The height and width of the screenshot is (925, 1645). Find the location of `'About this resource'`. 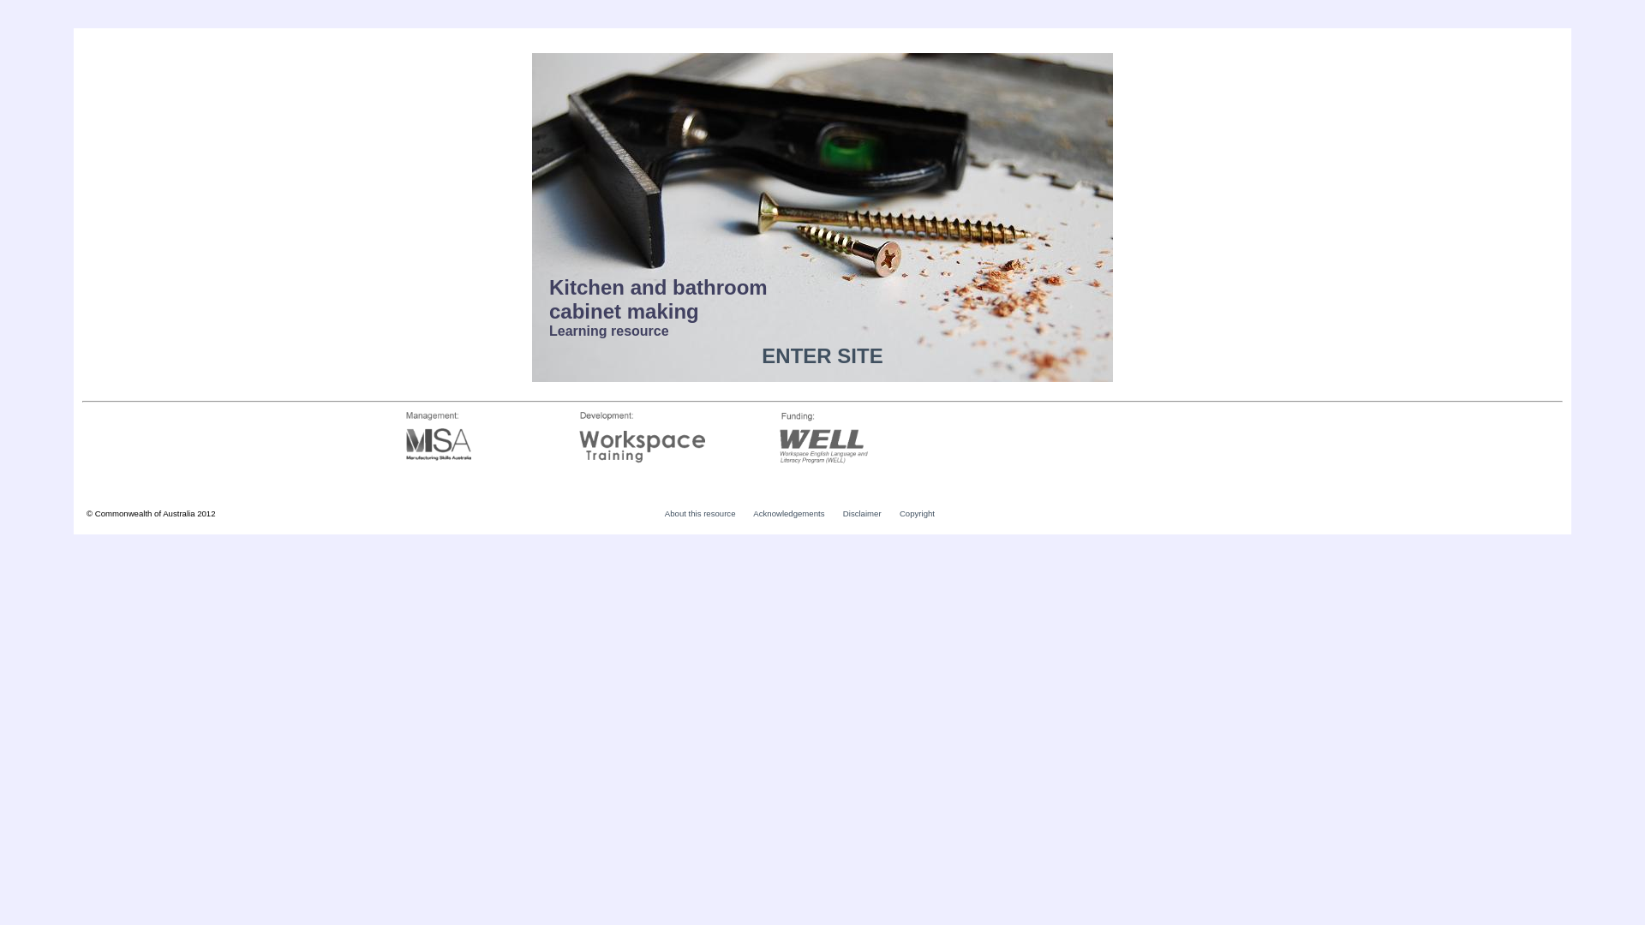

'About this resource' is located at coordinates (664, 512).